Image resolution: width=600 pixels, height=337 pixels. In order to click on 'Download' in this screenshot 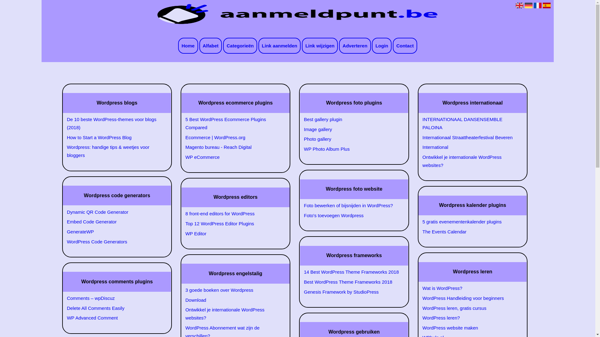, I will do `click(182, 300)`.